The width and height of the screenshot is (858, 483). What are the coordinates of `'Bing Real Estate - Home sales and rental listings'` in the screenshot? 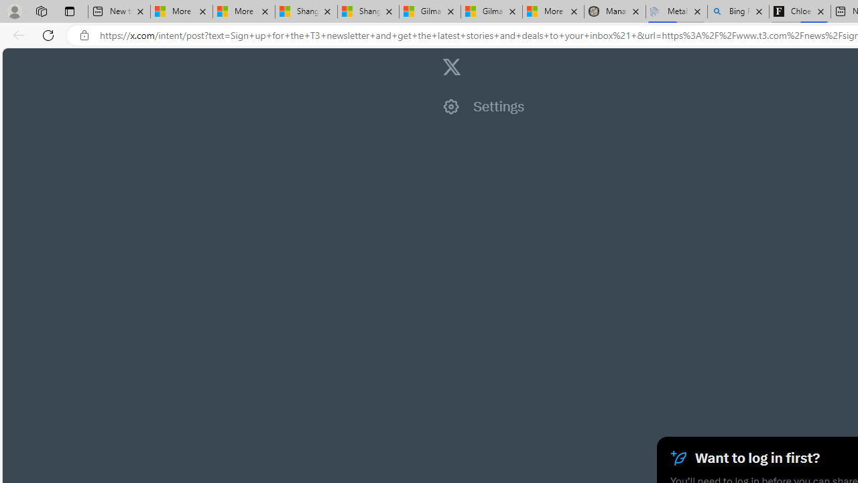 It's located at (737, 11).